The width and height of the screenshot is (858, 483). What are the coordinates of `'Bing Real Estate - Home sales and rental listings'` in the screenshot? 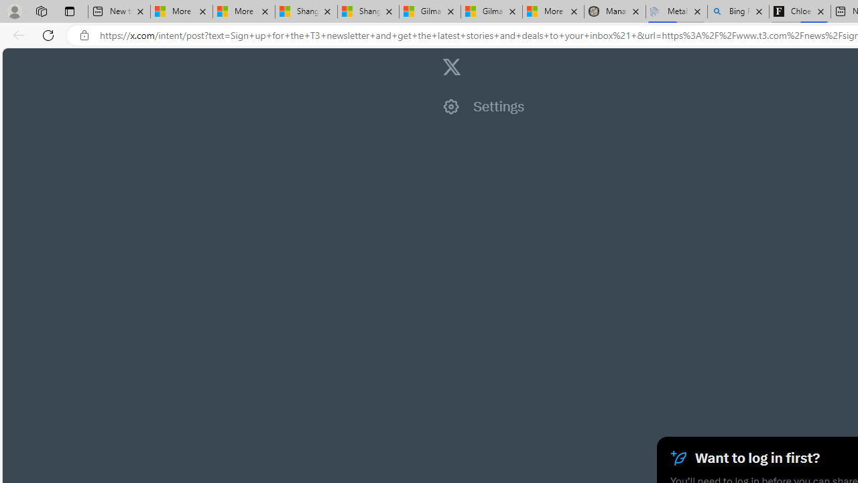 It's located at (737, 11).